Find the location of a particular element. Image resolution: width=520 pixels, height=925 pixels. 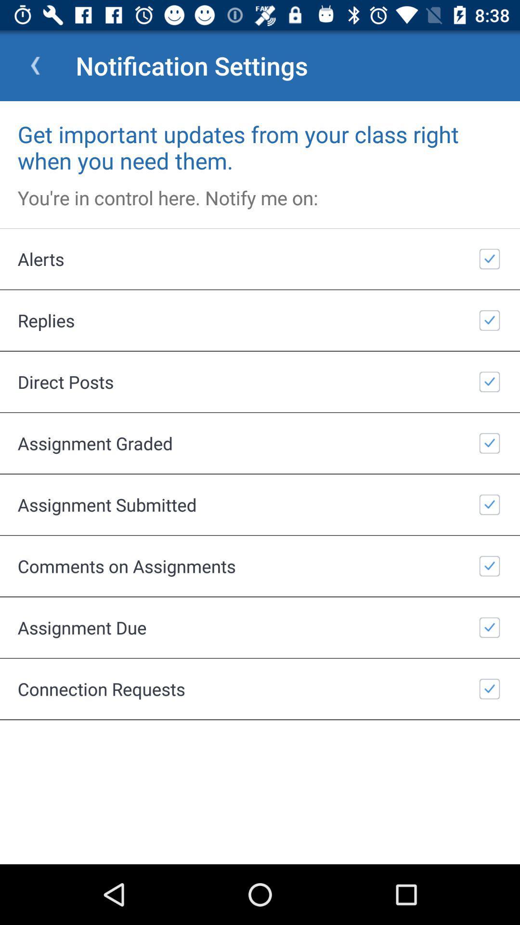

the replies item is located at coordinates (260, 320).